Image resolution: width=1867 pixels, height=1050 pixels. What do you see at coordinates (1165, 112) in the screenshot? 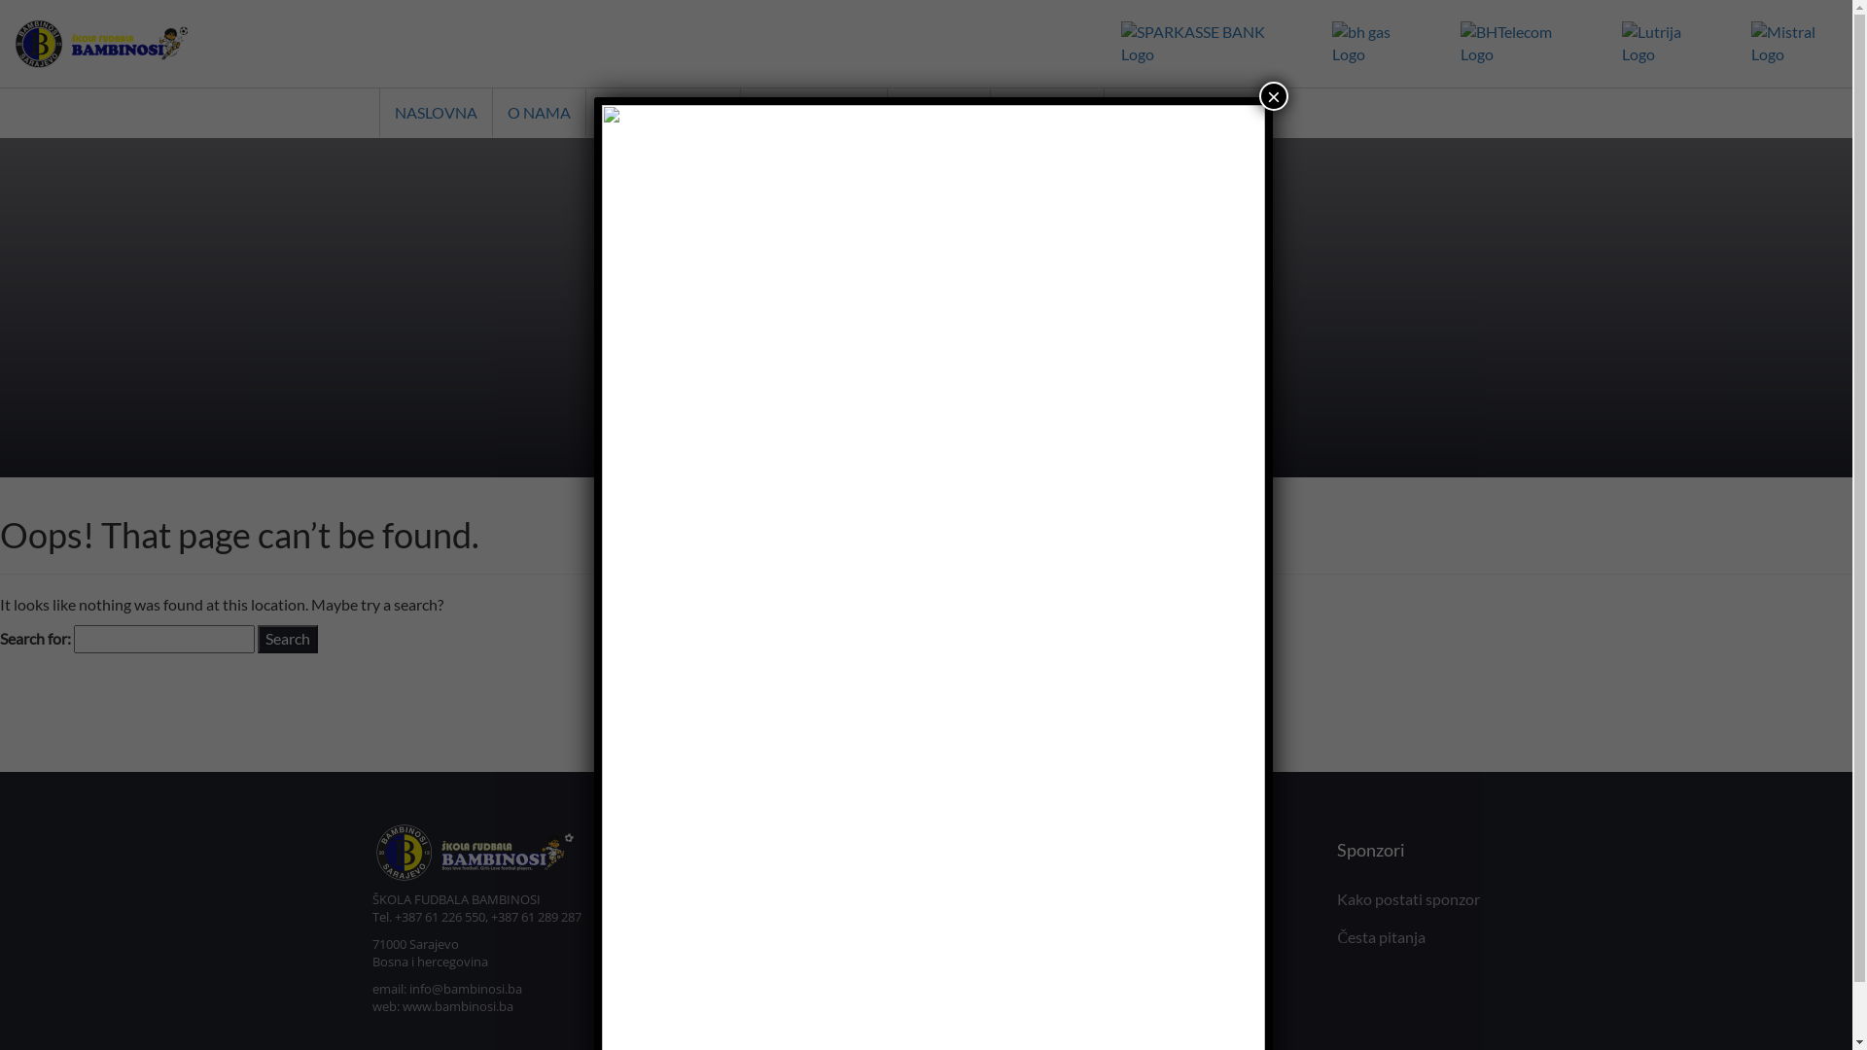
I see `'SPONZORI'` at bounding box center [1165, 112].